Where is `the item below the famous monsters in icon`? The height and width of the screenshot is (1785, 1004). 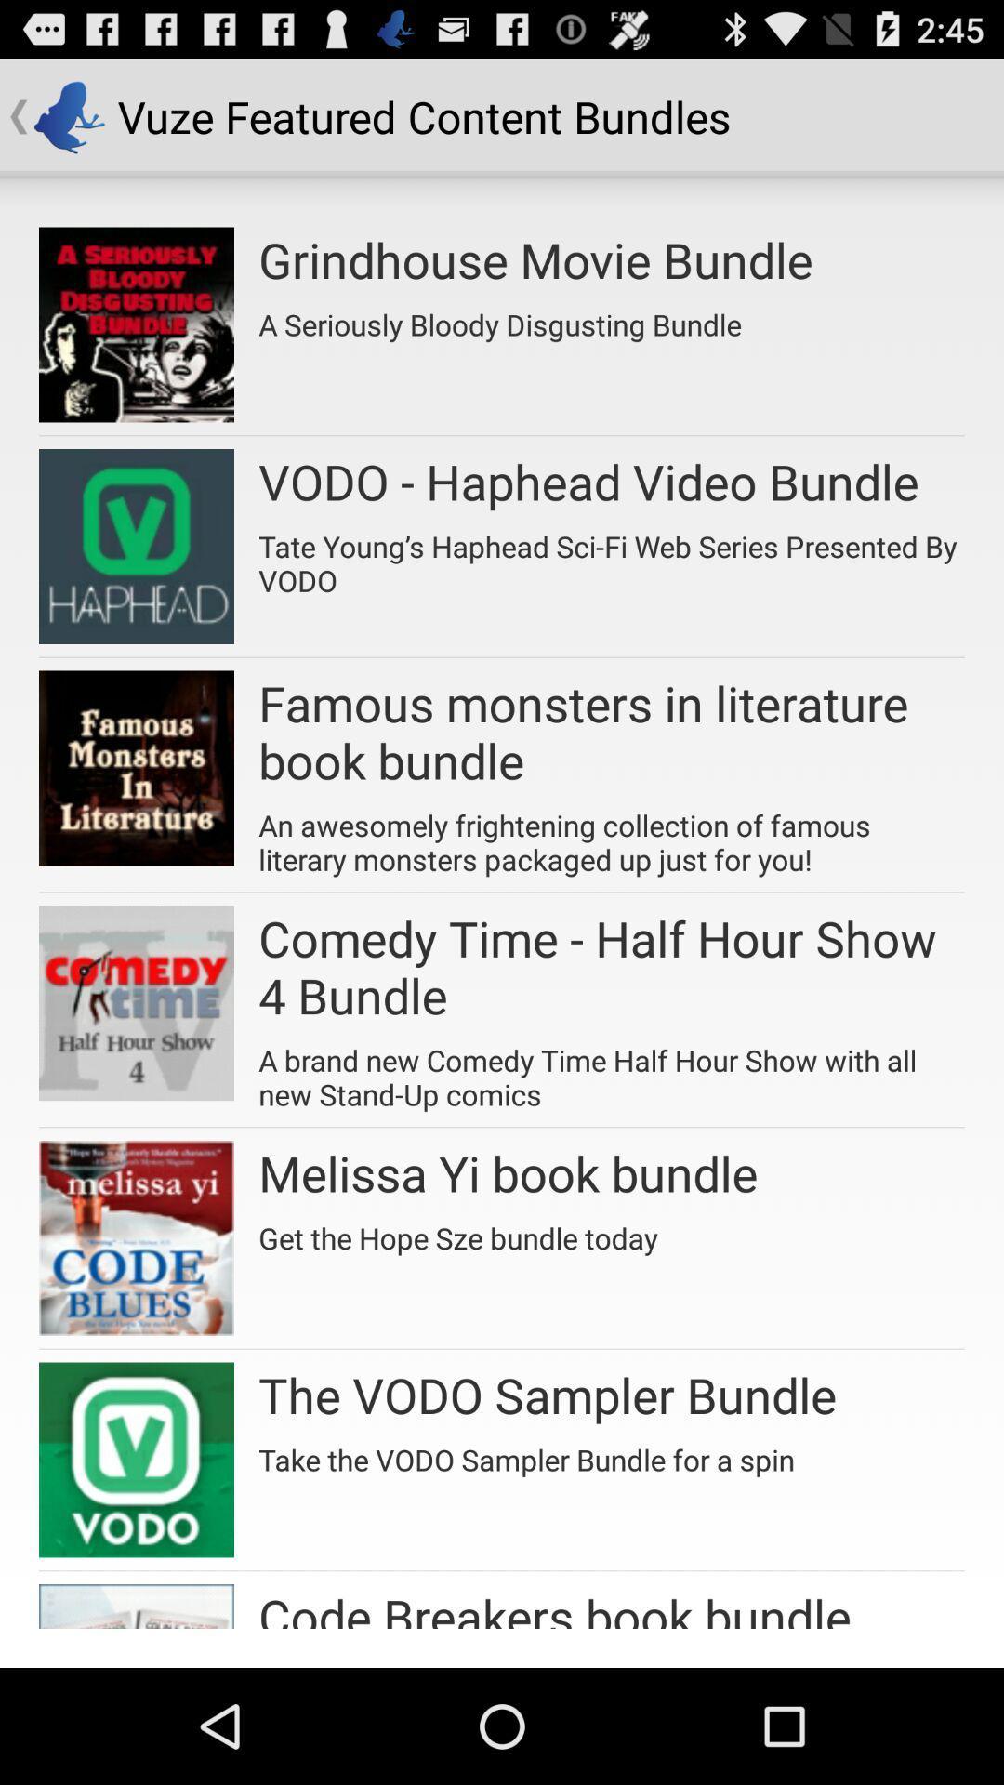
the item below the famous monsters in icon is located at coordinates (612, 835).